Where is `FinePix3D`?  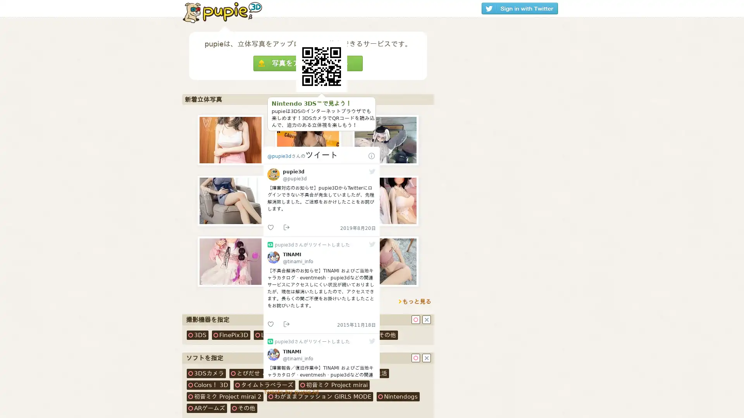 FinePix3D is located at coordinates (231, 335).